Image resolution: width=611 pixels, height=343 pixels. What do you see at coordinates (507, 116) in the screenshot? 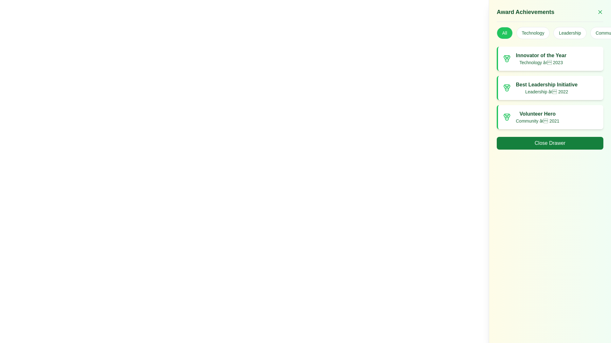
I see `the decorative shape within the SVG icon representing the 'Volunteer Hero' achievement, located at the center-bottom of the top-right panel` at bounding box center [507, 116].